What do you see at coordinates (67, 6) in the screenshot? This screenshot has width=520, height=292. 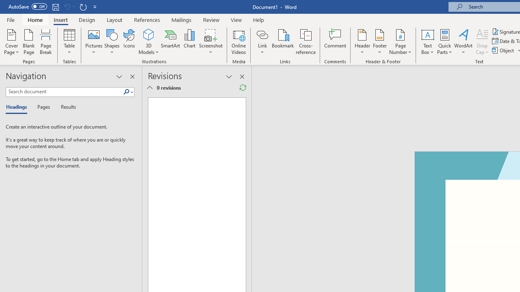 I see `'Can'` at bounding box center [67, 6].